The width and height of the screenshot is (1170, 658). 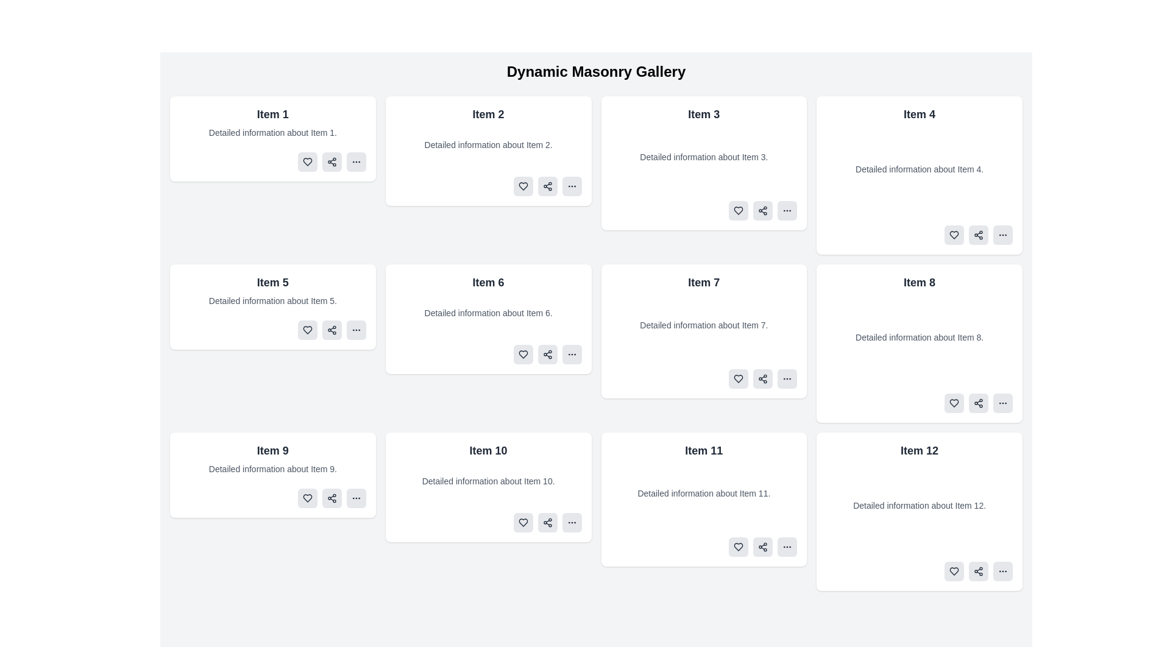 What do you see at coordinates (920, 175) in the screenshot?
I see `the 'Item 4' card in the top-right position of the masonry grid layout` at bounding box center [920, 175].